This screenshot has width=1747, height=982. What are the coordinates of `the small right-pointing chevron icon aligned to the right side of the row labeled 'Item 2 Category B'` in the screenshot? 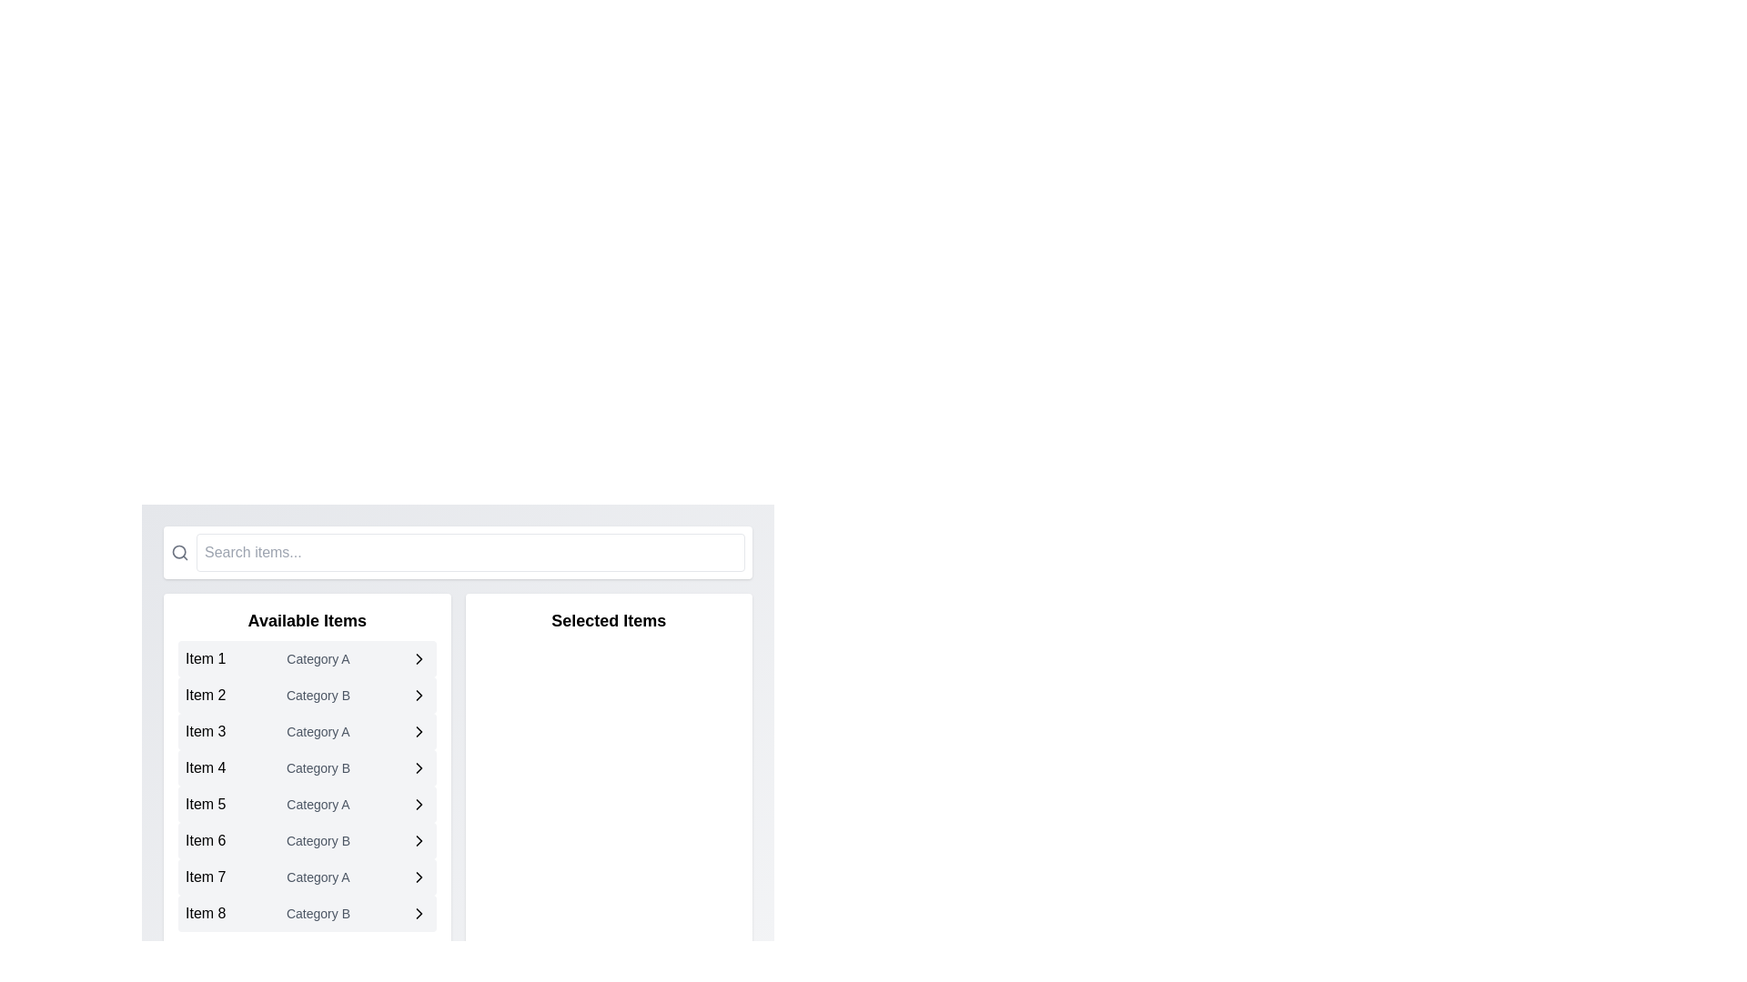 It's located at (419, 695).